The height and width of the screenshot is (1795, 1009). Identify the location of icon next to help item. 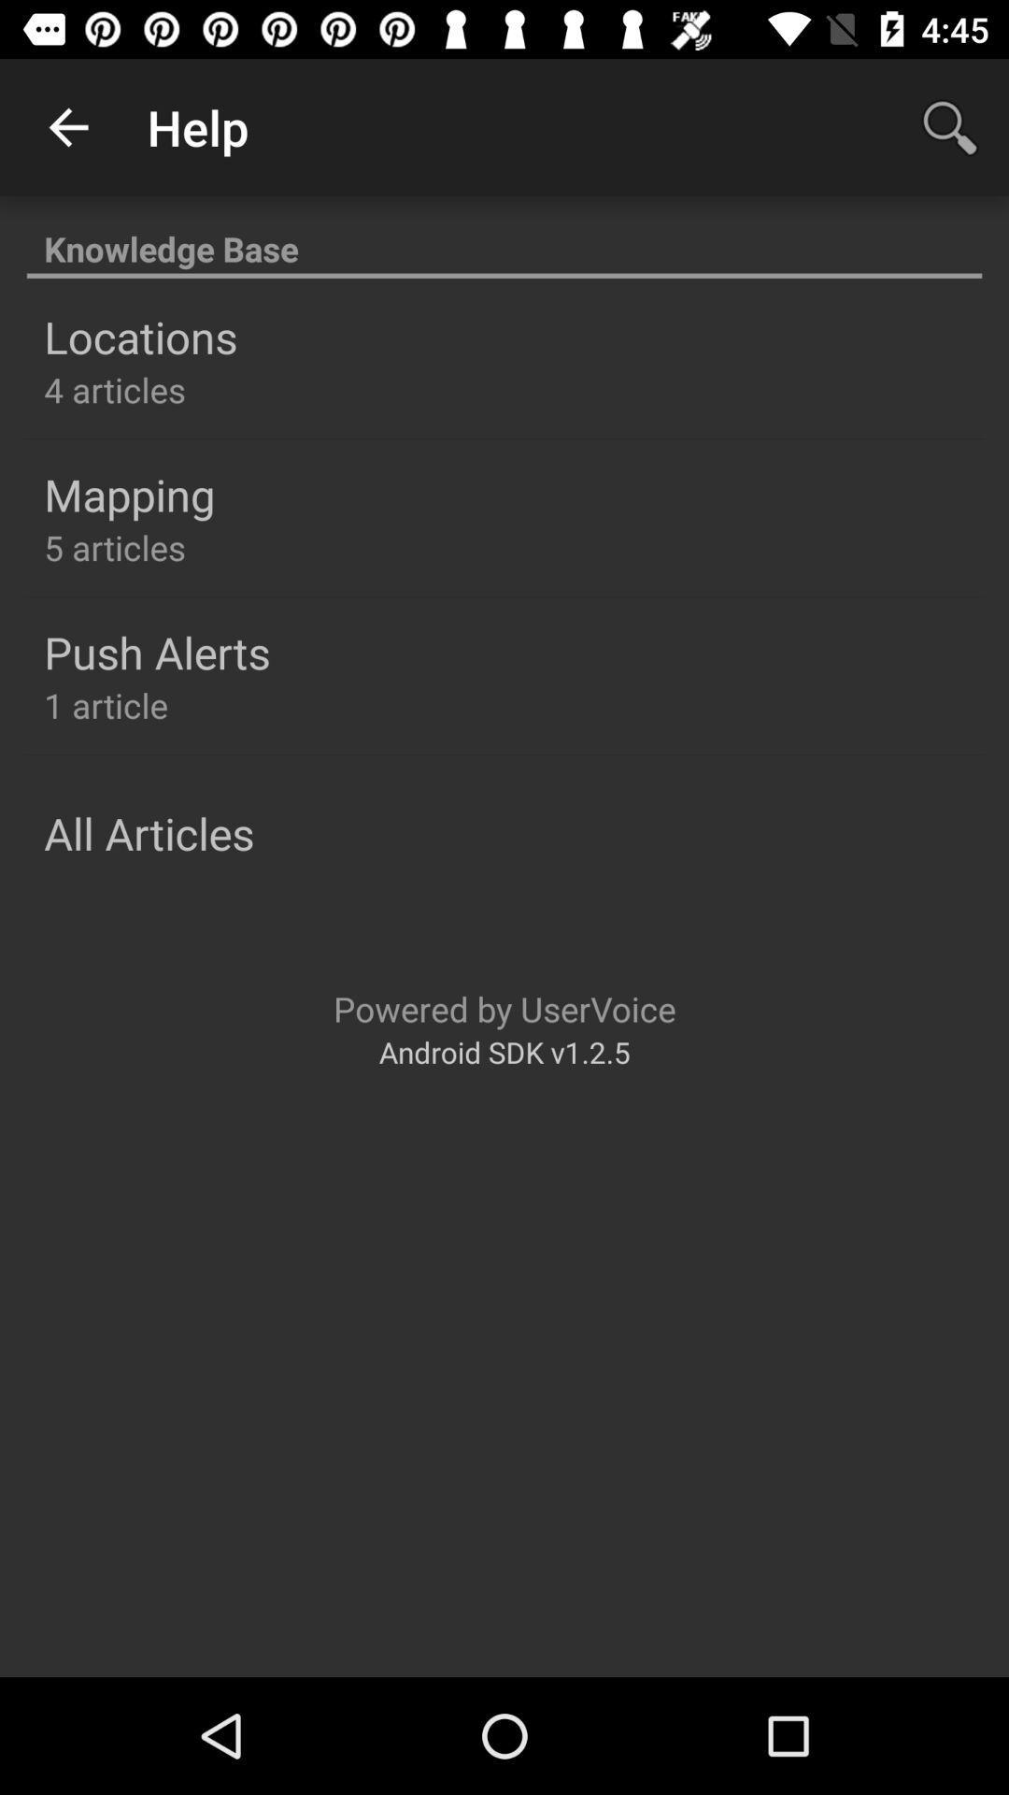
(67, 126).